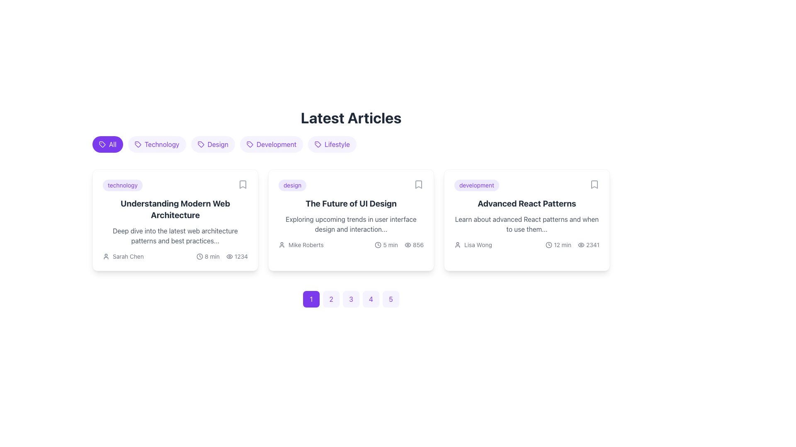  I want to click on the text block containing the description 'Deep dive into the latest web architecture patterns and best practices...' which is located below the title 'Understanding Modern Web Architecture', so click(175, 236).